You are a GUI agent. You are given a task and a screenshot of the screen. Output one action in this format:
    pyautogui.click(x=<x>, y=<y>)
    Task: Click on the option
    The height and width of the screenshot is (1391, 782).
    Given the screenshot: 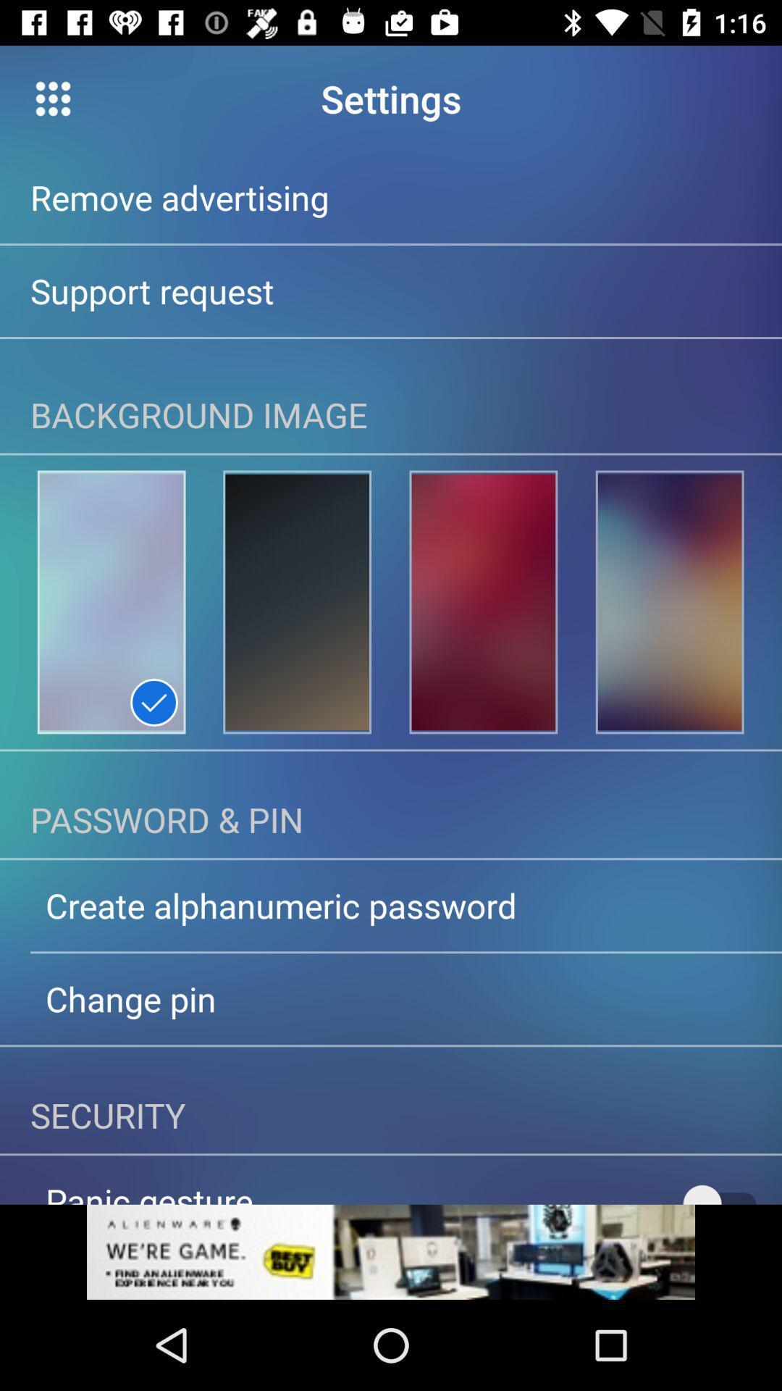 What is the action you would take?
    pyautogui.click(x=391, y=1251)
    